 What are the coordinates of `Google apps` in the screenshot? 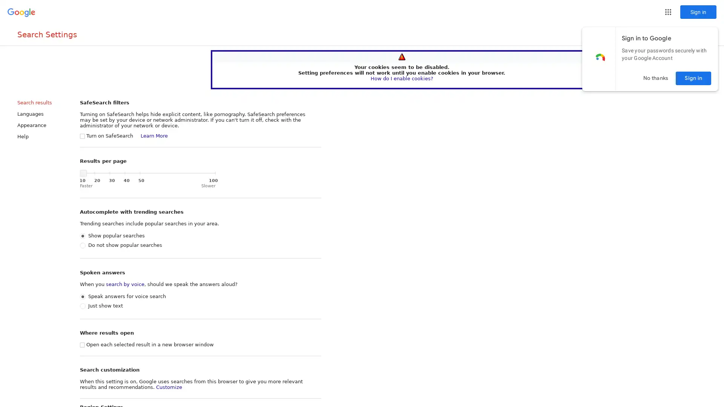 It's located at (668, 12).